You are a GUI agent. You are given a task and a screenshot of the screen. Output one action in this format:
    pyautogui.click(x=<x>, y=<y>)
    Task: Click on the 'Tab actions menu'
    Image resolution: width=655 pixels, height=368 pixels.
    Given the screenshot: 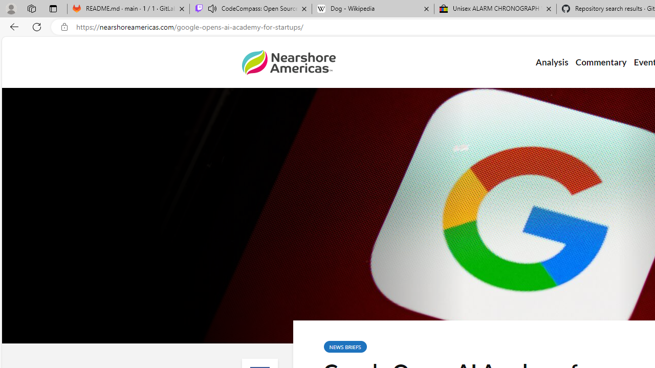 What is the action you would take?
    pyautogui.click(x=53, y=8)
    